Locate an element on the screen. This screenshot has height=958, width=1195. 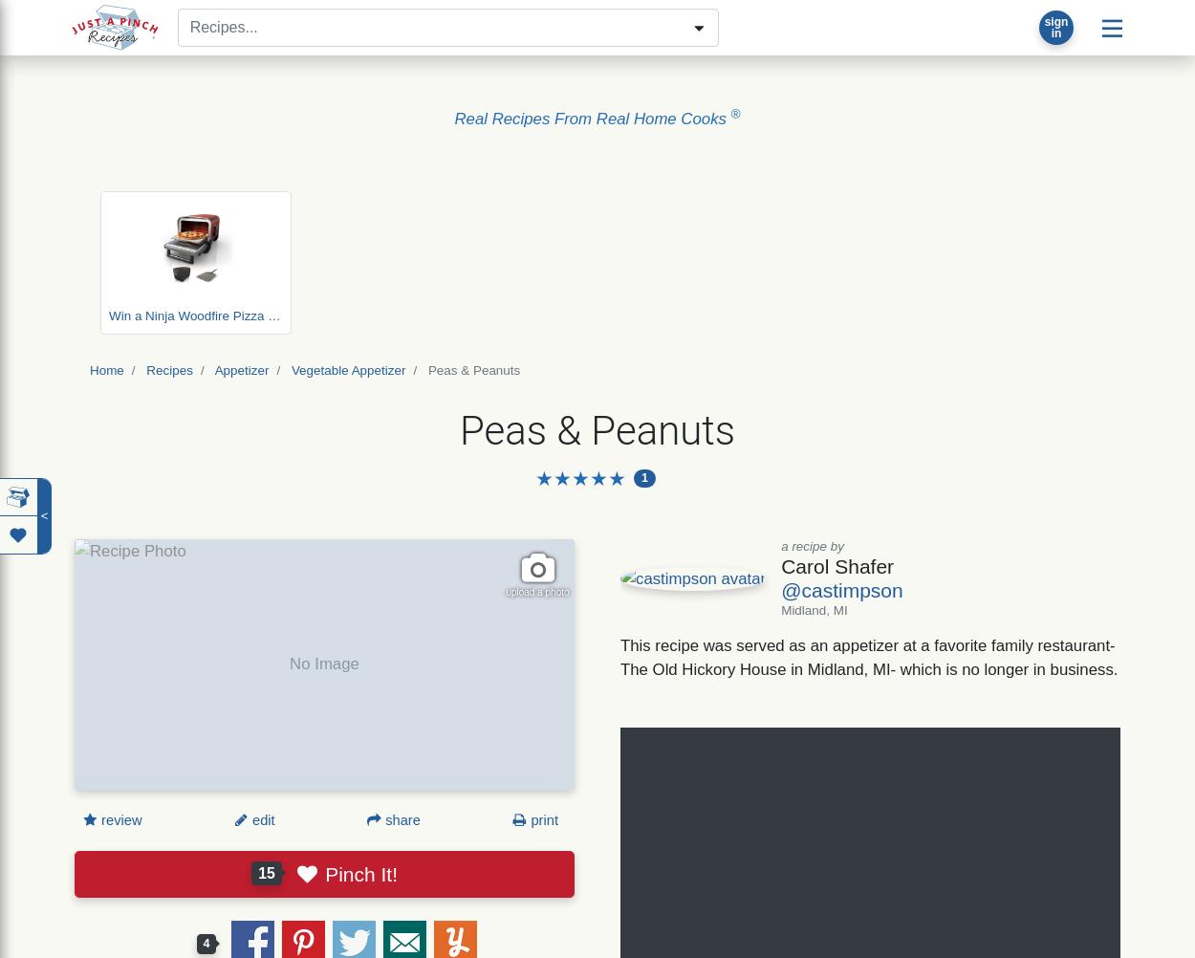
'@castimpson' is located at coordinates (841, 589).